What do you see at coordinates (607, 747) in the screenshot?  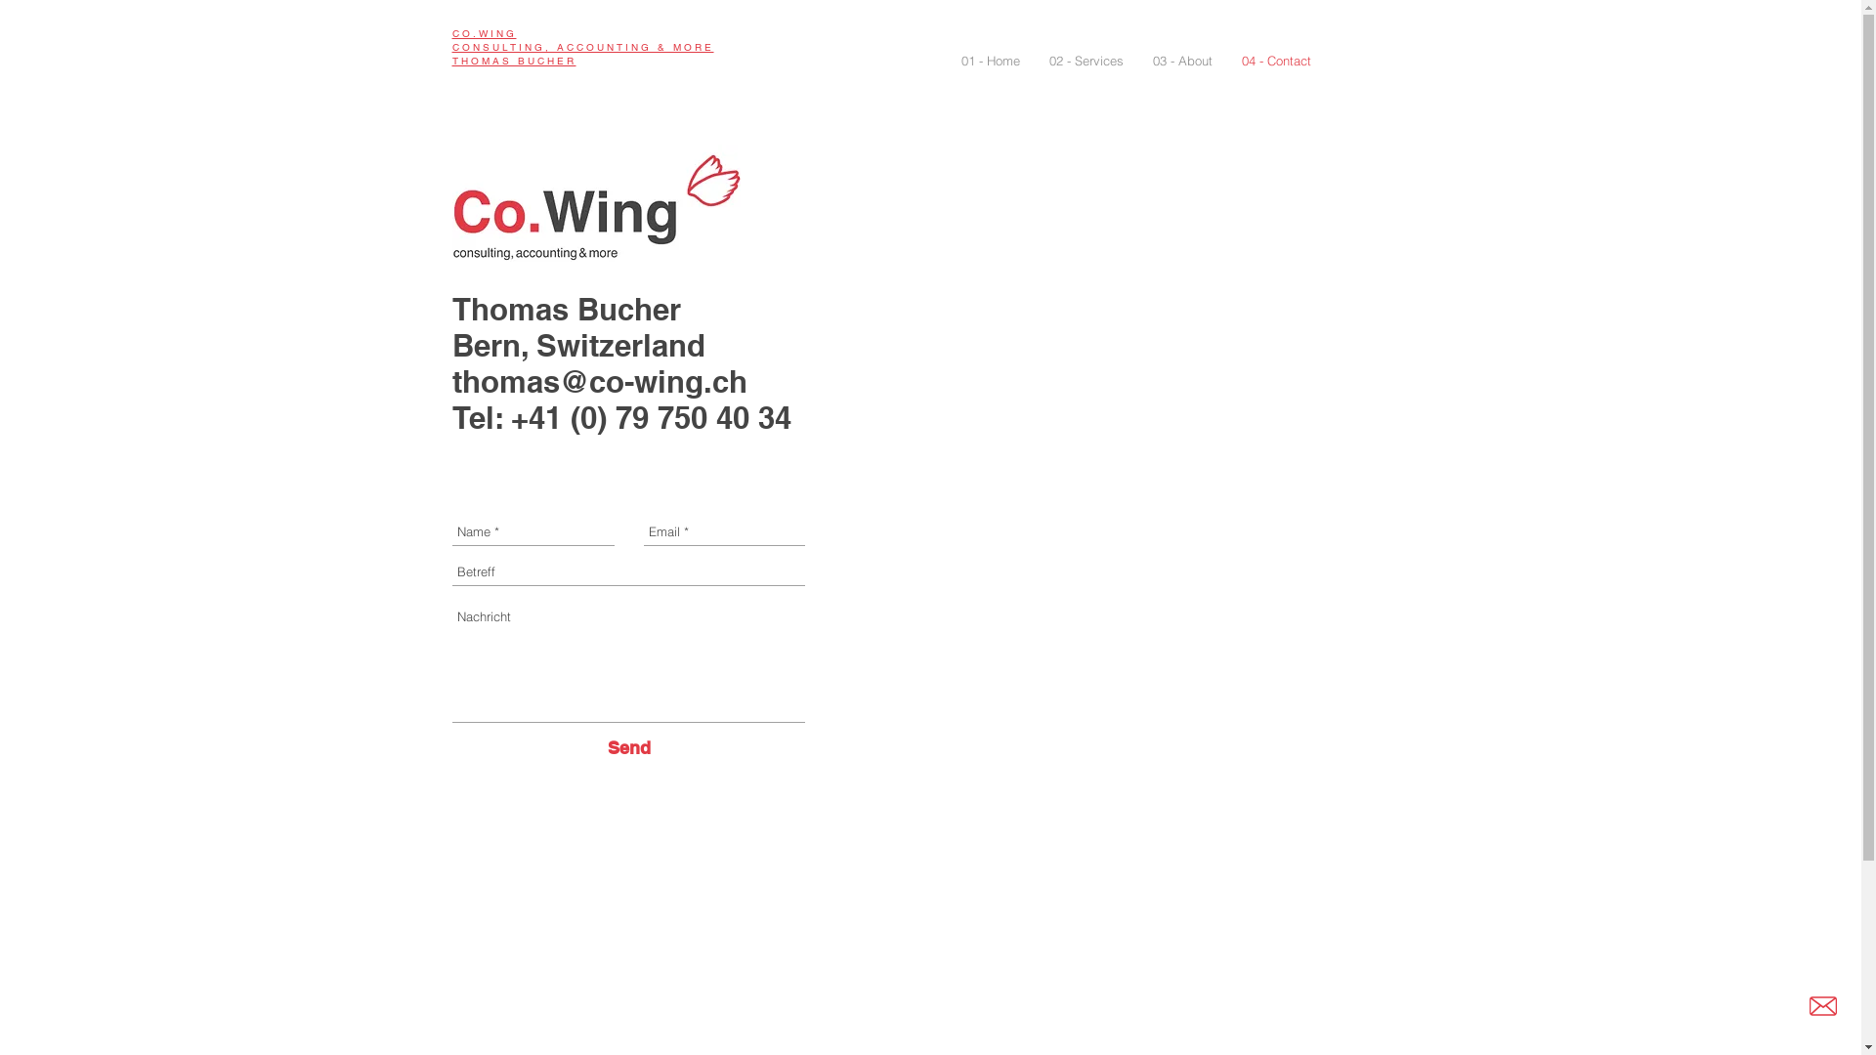 I see `'Send'` at bounding box center [607, 747].